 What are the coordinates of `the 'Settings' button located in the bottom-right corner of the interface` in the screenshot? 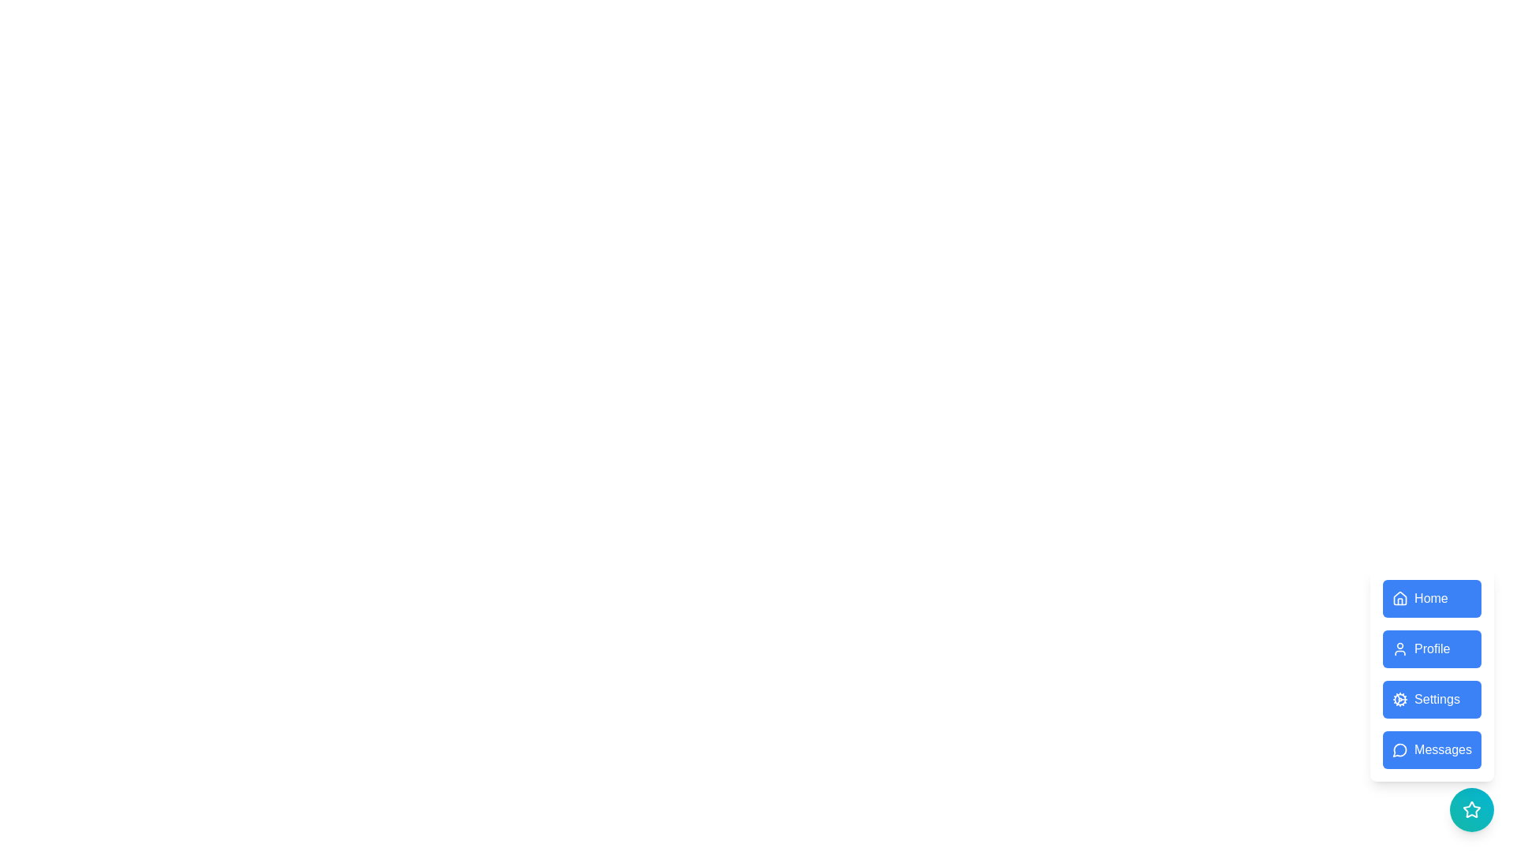 It's located at (1432, 674).